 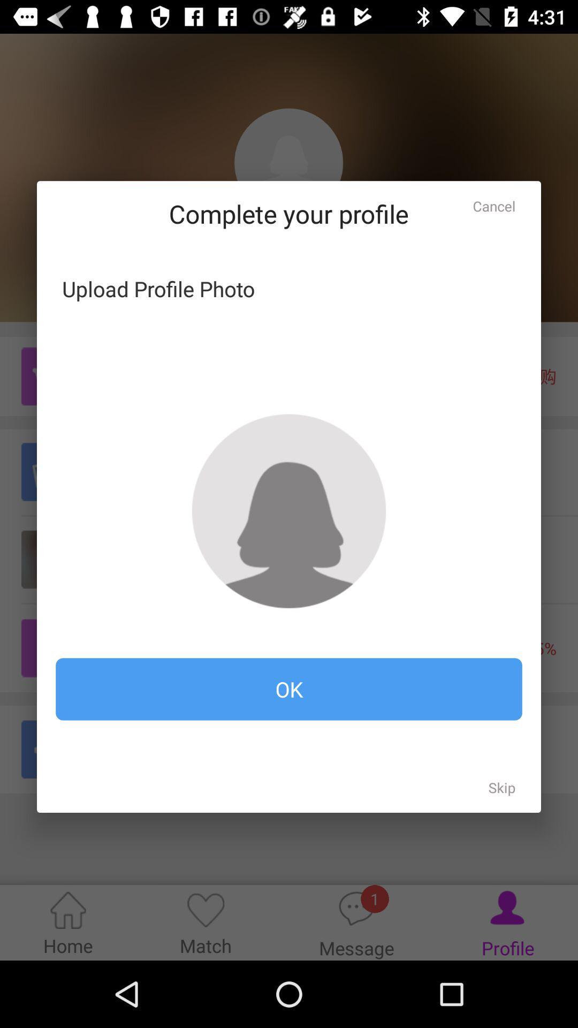 I want to click on the item next to the complete your profile item, so click(x=494, y=206).